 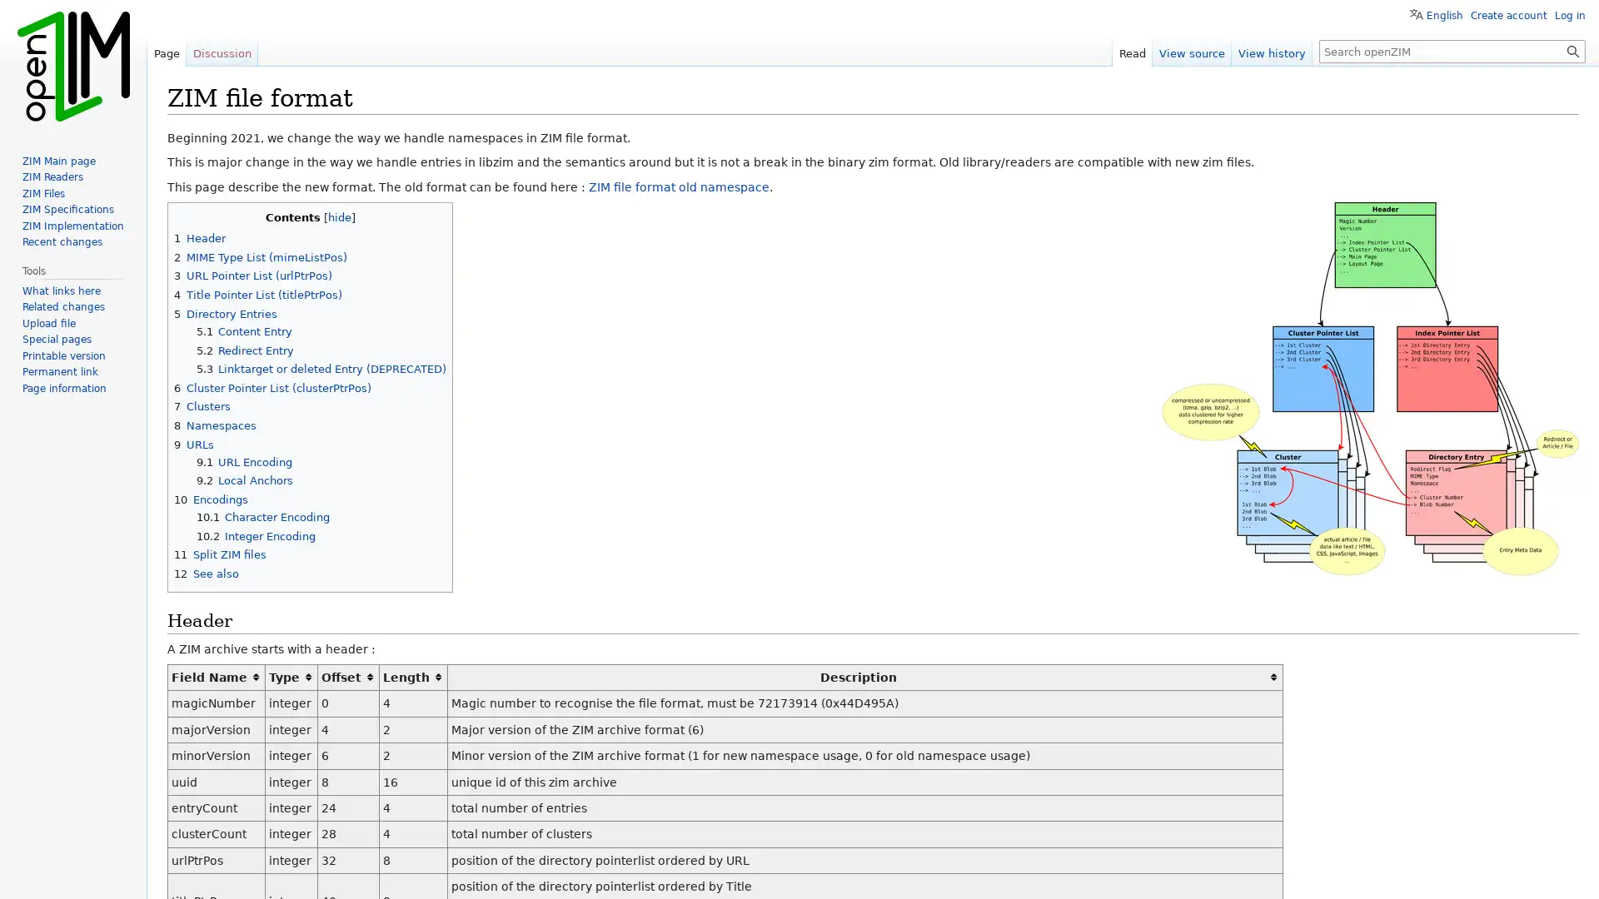 What do you see at coordinates (1572, 50) in the screenshot?
I see `Search` at bounding box center [1572, 50].